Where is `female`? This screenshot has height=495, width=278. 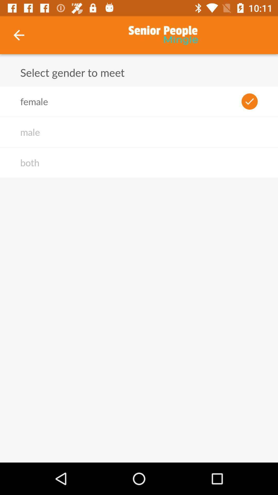
female is located at coordinates (34, 101).